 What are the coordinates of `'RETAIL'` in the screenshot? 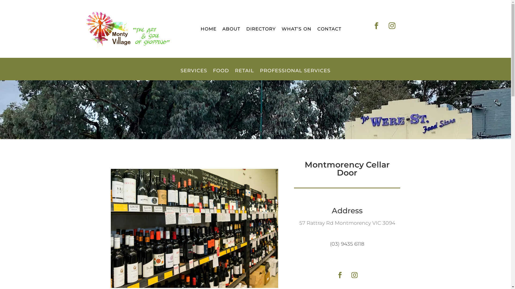 It's located at (244, 74).